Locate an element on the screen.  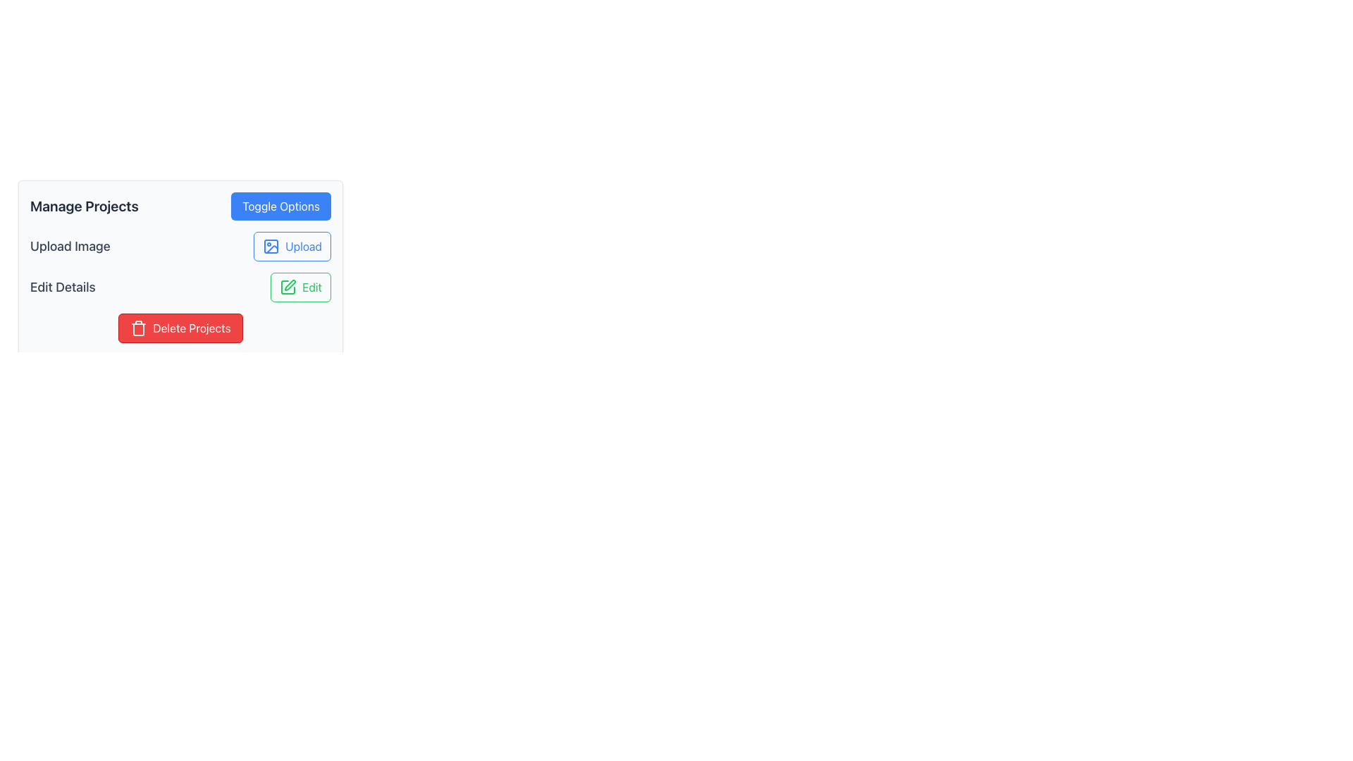
the 'Delete Projects' button by clicking on the icon located on its left side to engage the deletion functionality is located at coordinates (139, 328).